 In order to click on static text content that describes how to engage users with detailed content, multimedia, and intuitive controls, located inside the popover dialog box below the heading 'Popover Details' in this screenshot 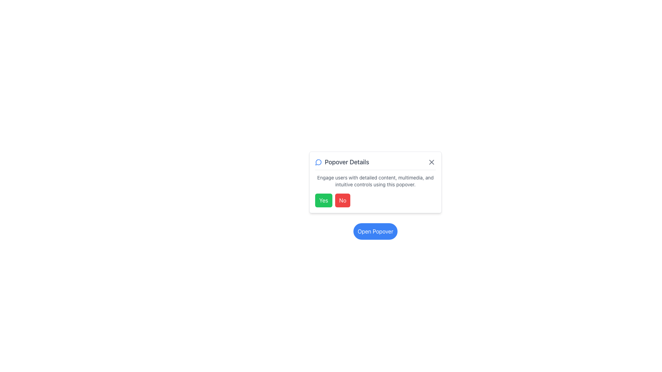, I will do `click(375, 180)`.